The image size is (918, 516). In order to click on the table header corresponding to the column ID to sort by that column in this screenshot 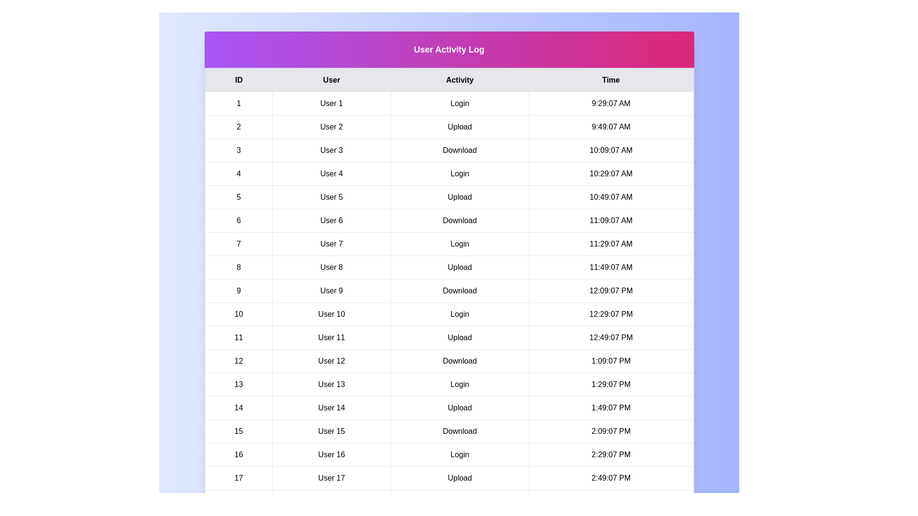, I will do `click(239, 80)`.